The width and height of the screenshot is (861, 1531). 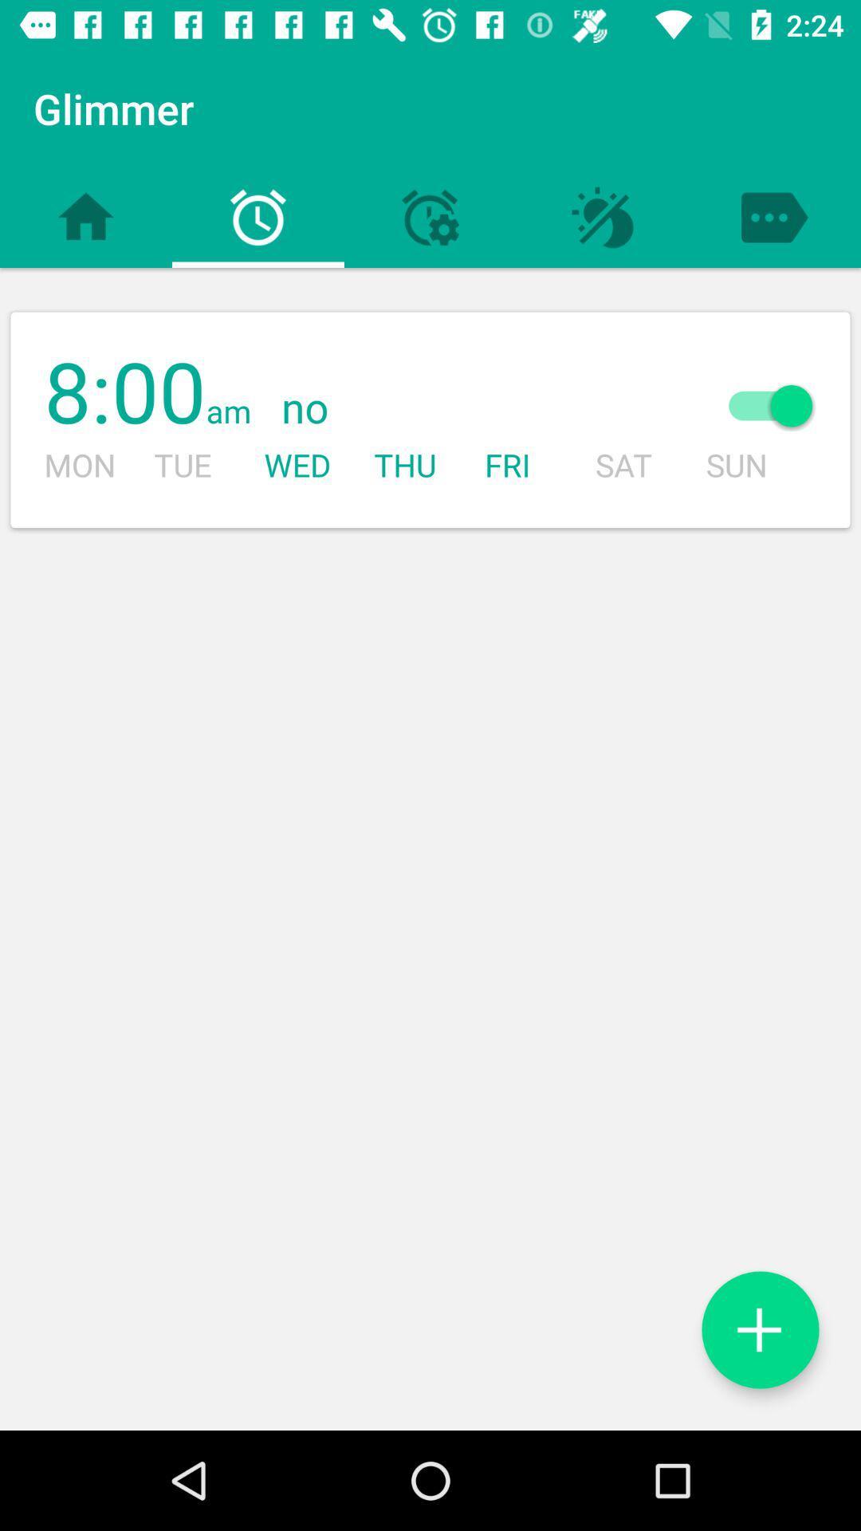 I want to click on the item below the sat item, so click(x=759, y=1330).